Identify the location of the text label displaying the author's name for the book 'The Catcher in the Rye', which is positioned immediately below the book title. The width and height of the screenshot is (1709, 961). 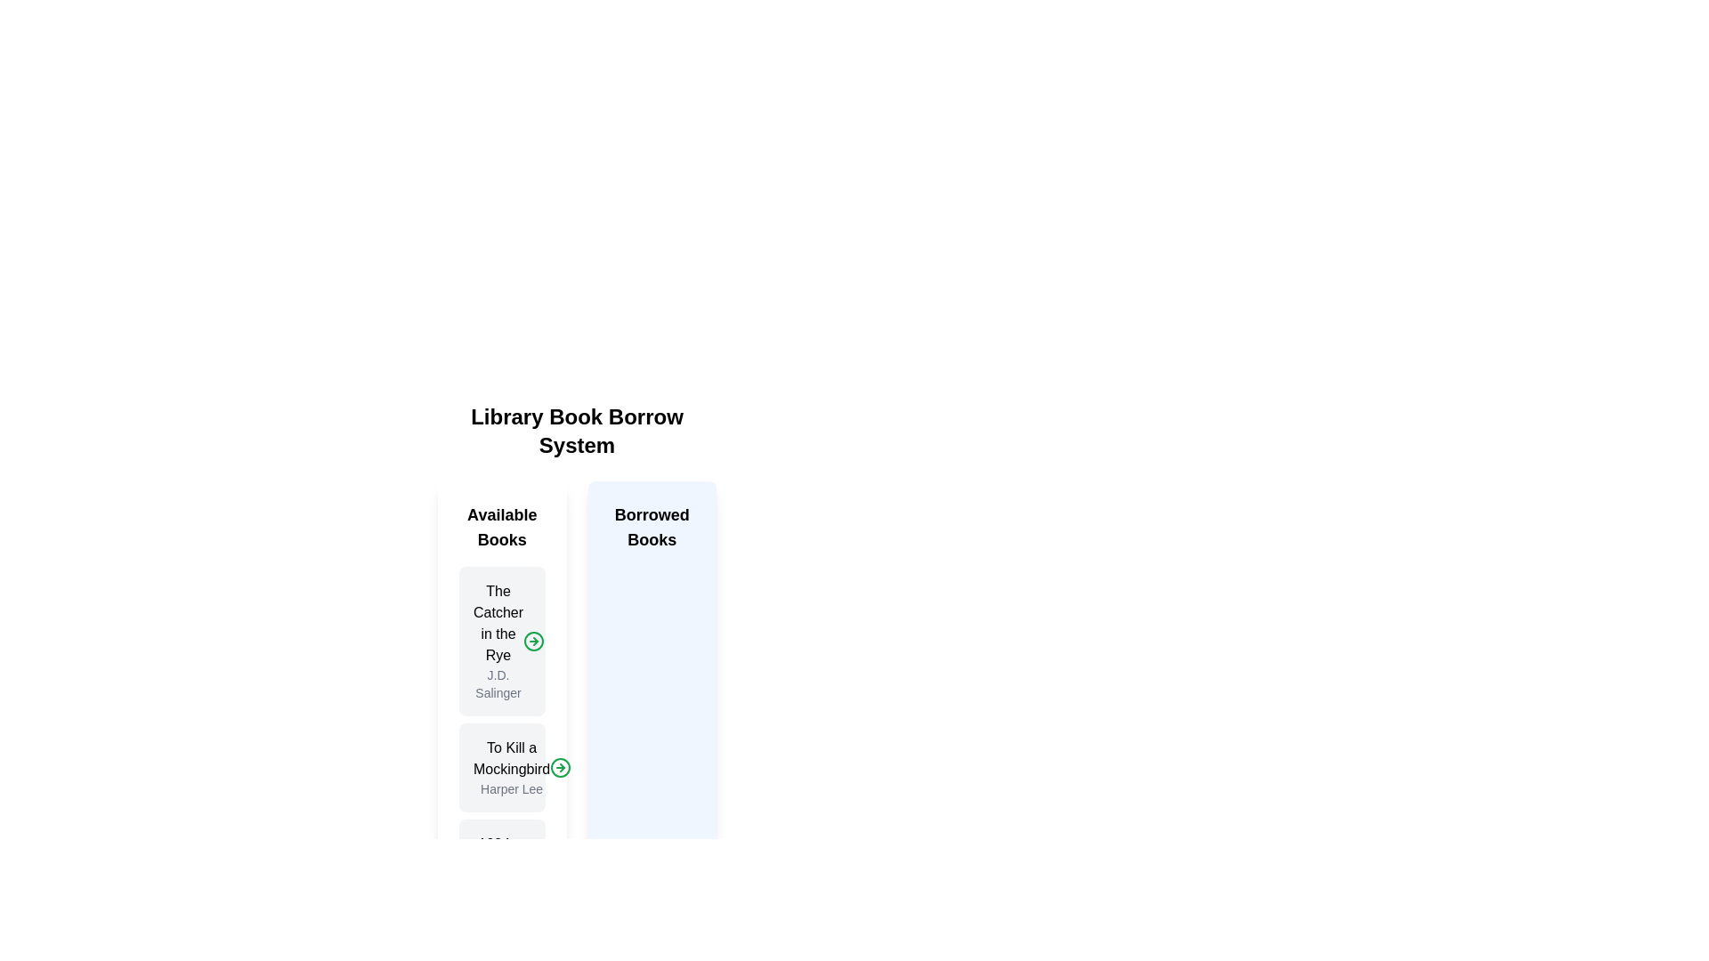
(498, 682).